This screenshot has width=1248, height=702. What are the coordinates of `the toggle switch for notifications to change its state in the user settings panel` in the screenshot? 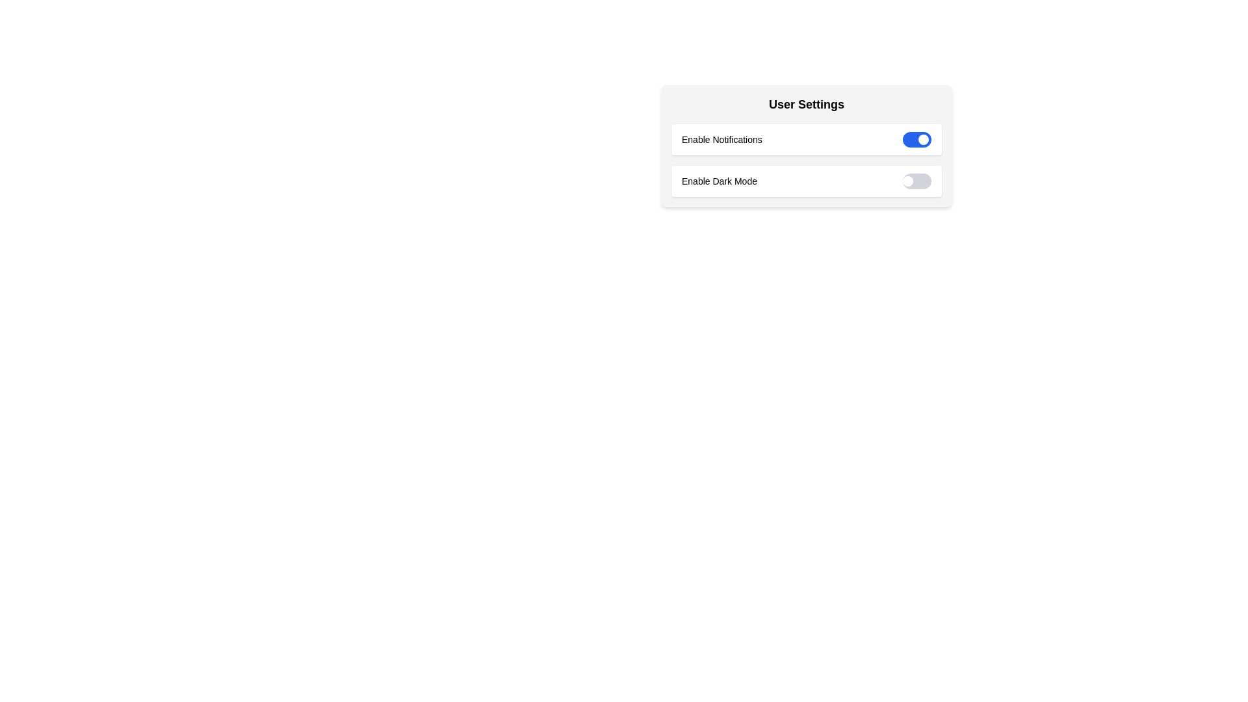 It's located at (806, 140).